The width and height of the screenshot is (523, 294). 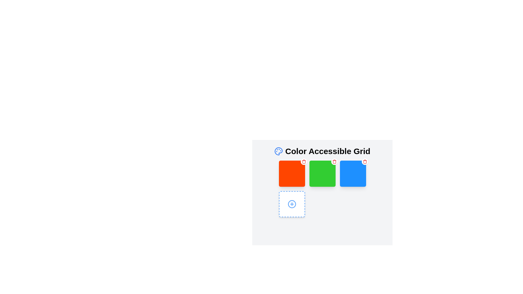 I want to click on the decorative icon symbolizing the color grid functionality, located to the left of the 'Color Accessible Grid' text in the heading section, so click(x=279, y=151).